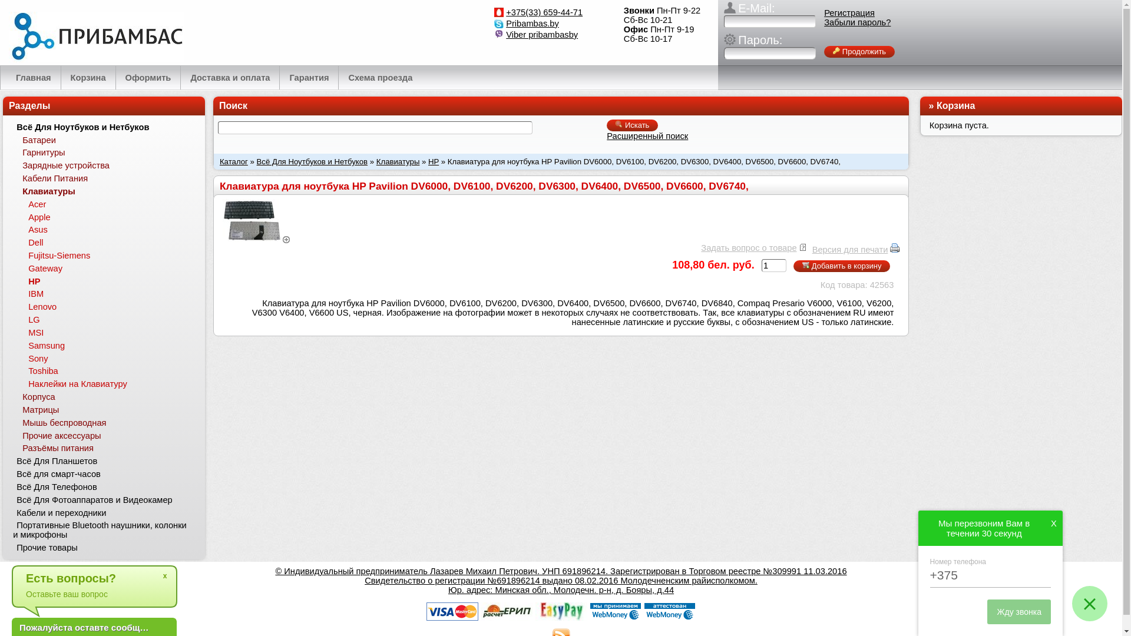 The width and height of the screenshot is (1131, 636). I want to click on ' EasyPay ', so click(560, 611).